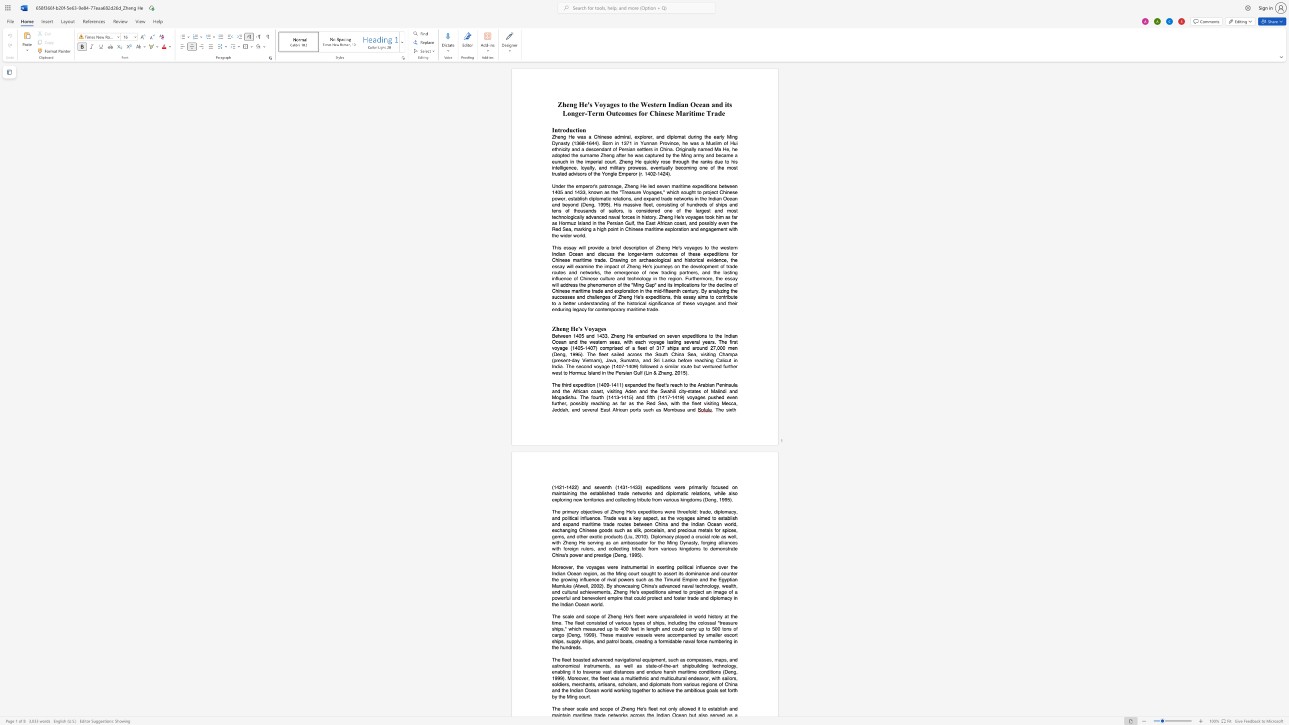 The width and height of the screenshot is (1289, 725). Describe the element at coordinates (649, 354) in the screenshot. I see `the subset text "e South China Sea, visiting Champa (present-day Vi" within the text "of a fleet of 317 ships and around 27,000 men (Deng, 1995). The fleet sailed across the South China Sea, visiting Champa (present-day Vietnam), Java, Sumatra, and Sri Lanka before reaching"` at that location.